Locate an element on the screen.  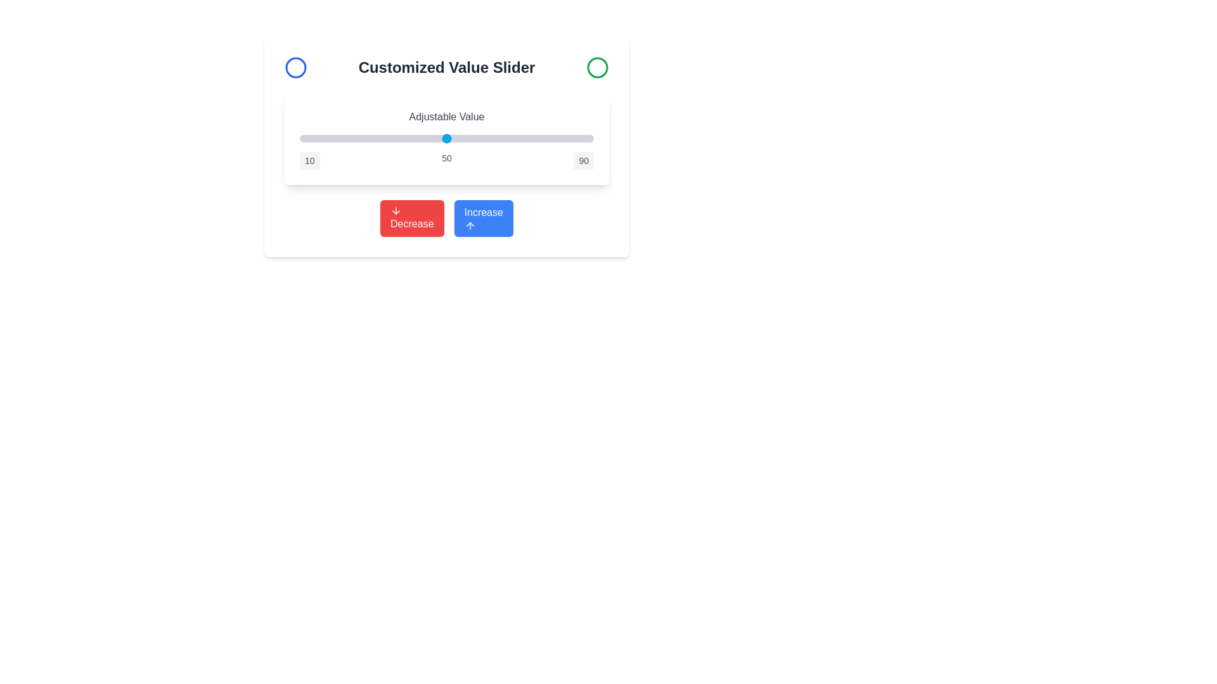
the 'Decrease' button, which is a rectangular button with rounded corners, a vibrant red background, and white text, by using keyboard focus and pressing Enter is located at coordinates (412, 217).